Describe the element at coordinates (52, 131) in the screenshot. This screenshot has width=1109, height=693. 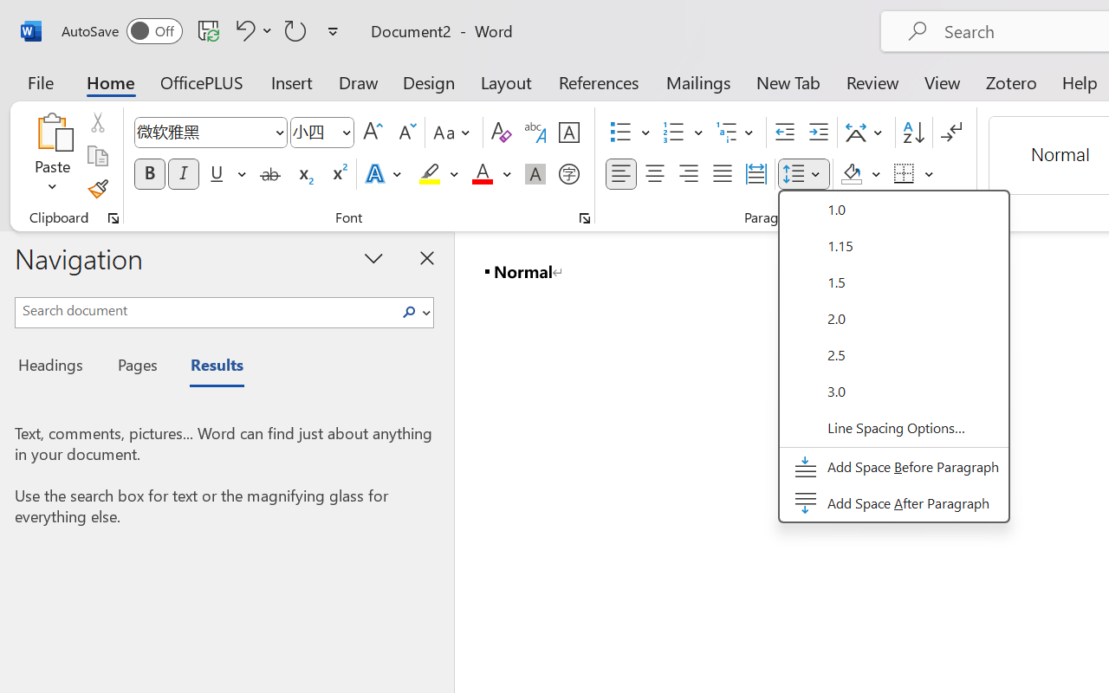
I see `'Paste'` at that location.